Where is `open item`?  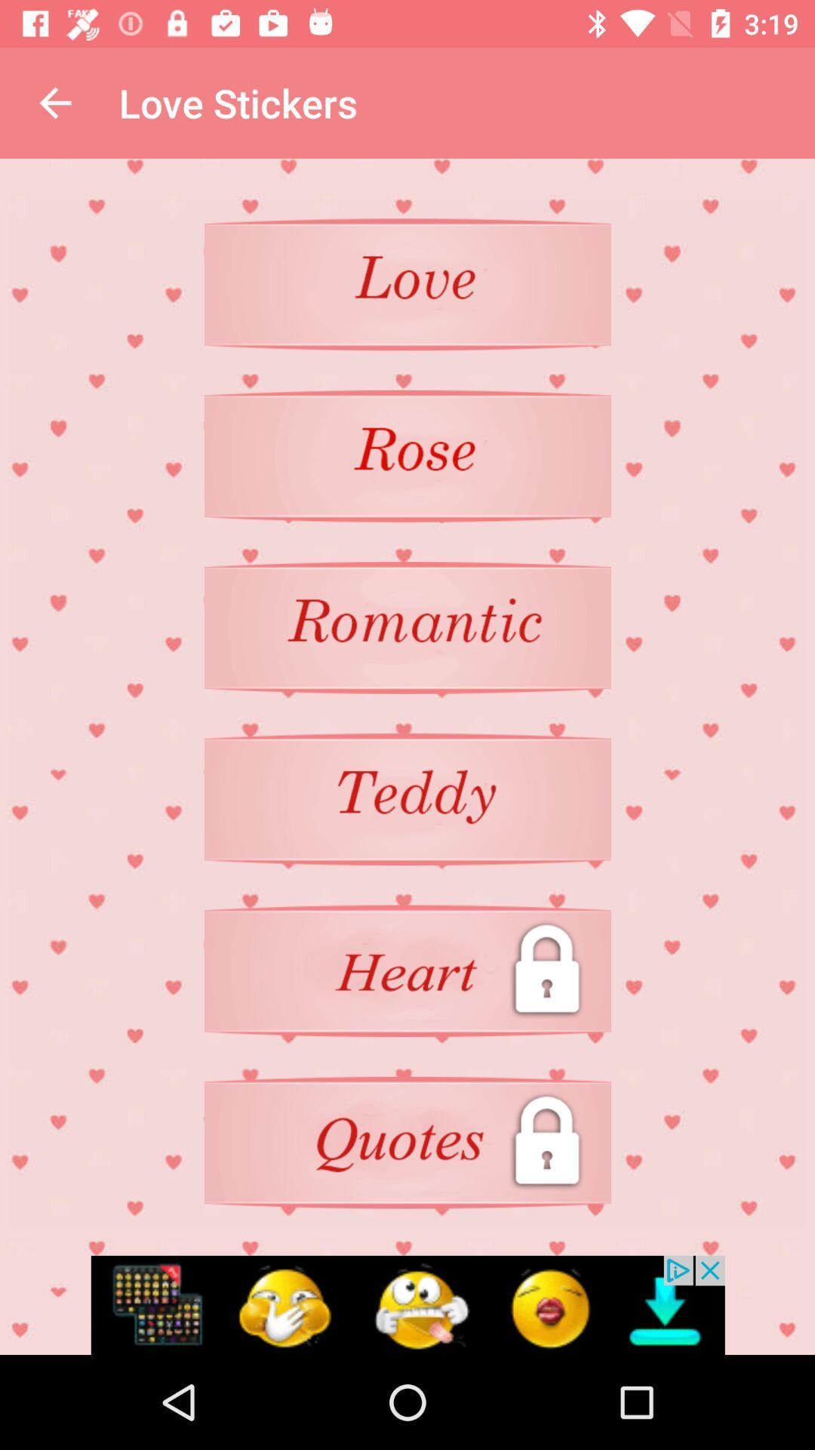
open item is located at coordinates (407, 1143).